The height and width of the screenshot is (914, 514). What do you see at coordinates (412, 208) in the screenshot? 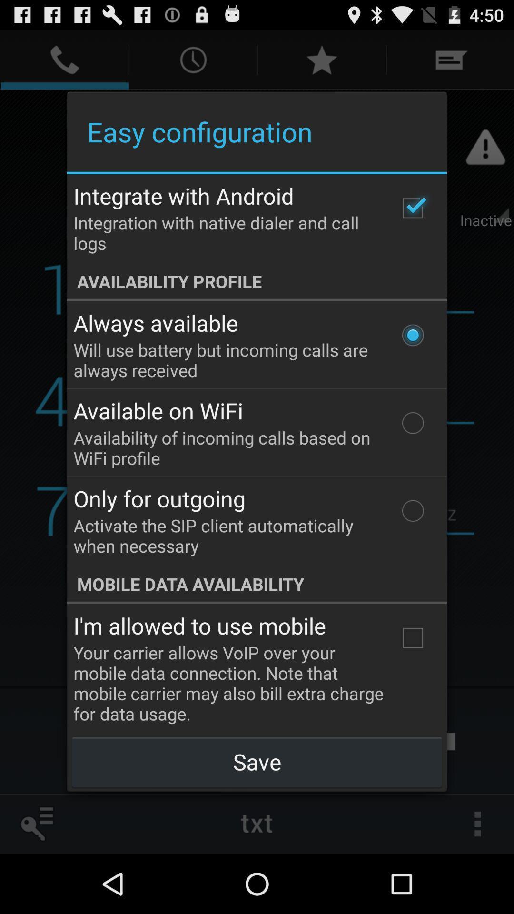
I see `checkbox at the top right corner` at bounding box center [412, 208].